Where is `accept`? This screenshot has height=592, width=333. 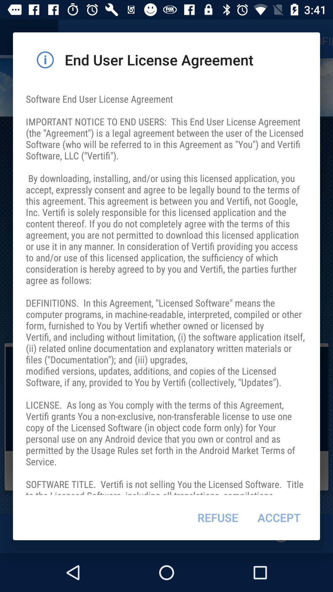 accept is located at coordinates (279, 517).